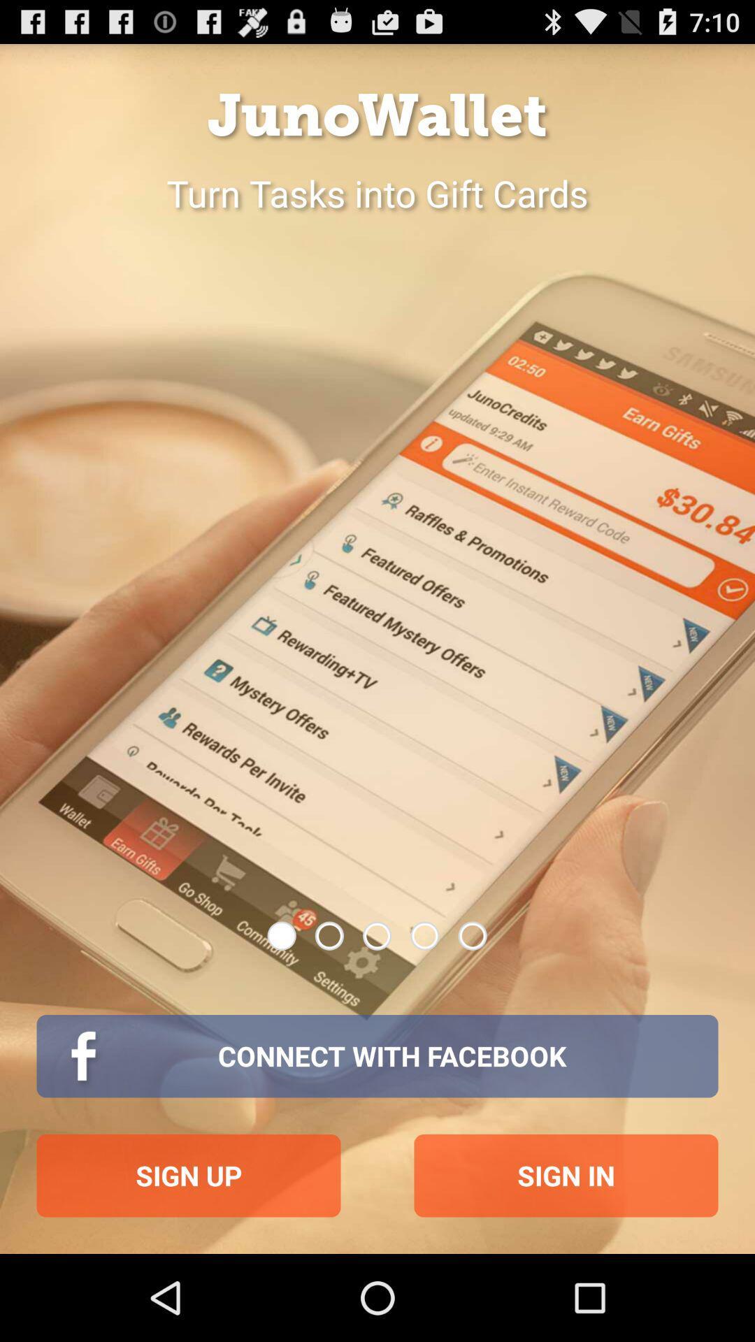 The width and height of the screenshot is (755, 1342). What do you see at coordinates (189, 1175) in the screenshot?
I see `the button below connect with facebook` at bounding box center [189, 1175].